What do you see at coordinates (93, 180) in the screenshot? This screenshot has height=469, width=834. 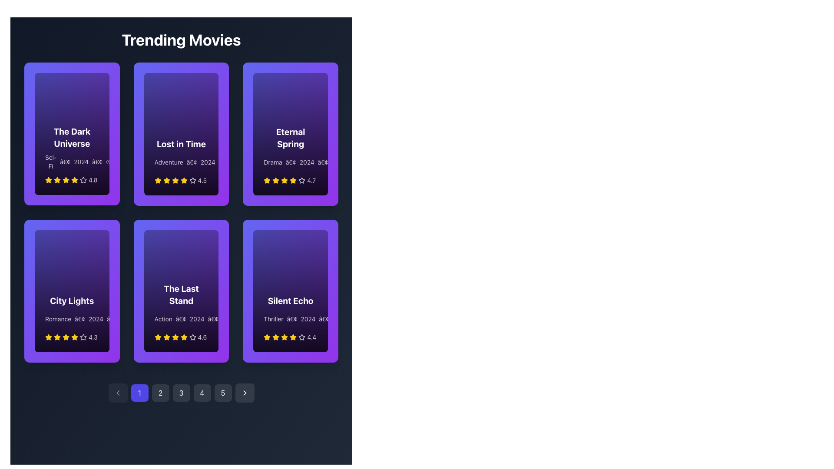 I see `the static text display showing the numerical rating for the movie 'The Dark Universe'` at bounding box center [93, 180].